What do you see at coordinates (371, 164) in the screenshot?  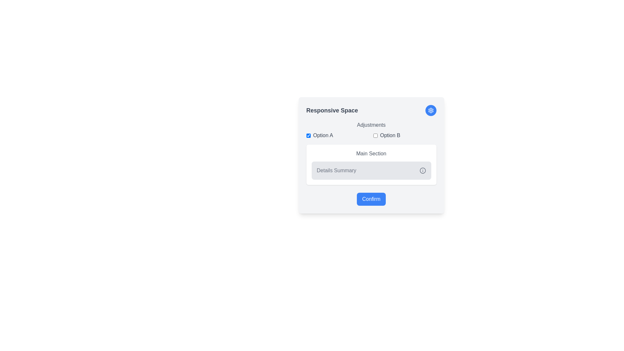 I see `the rectangular card styled with a white background, rounded corners, and a shadow effect located within a modal below the 'Adjustments' section and above the 'Confirm' button` at bounding box center [371, 164].